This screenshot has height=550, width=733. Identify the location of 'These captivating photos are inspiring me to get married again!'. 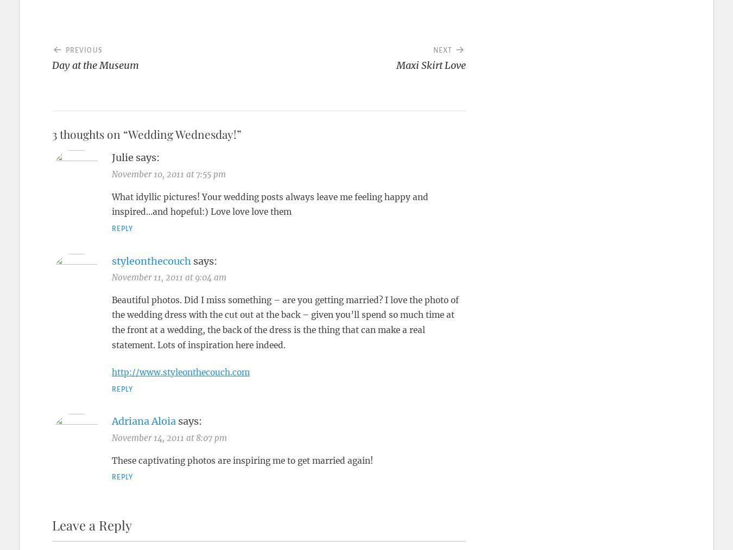
(242, 459).